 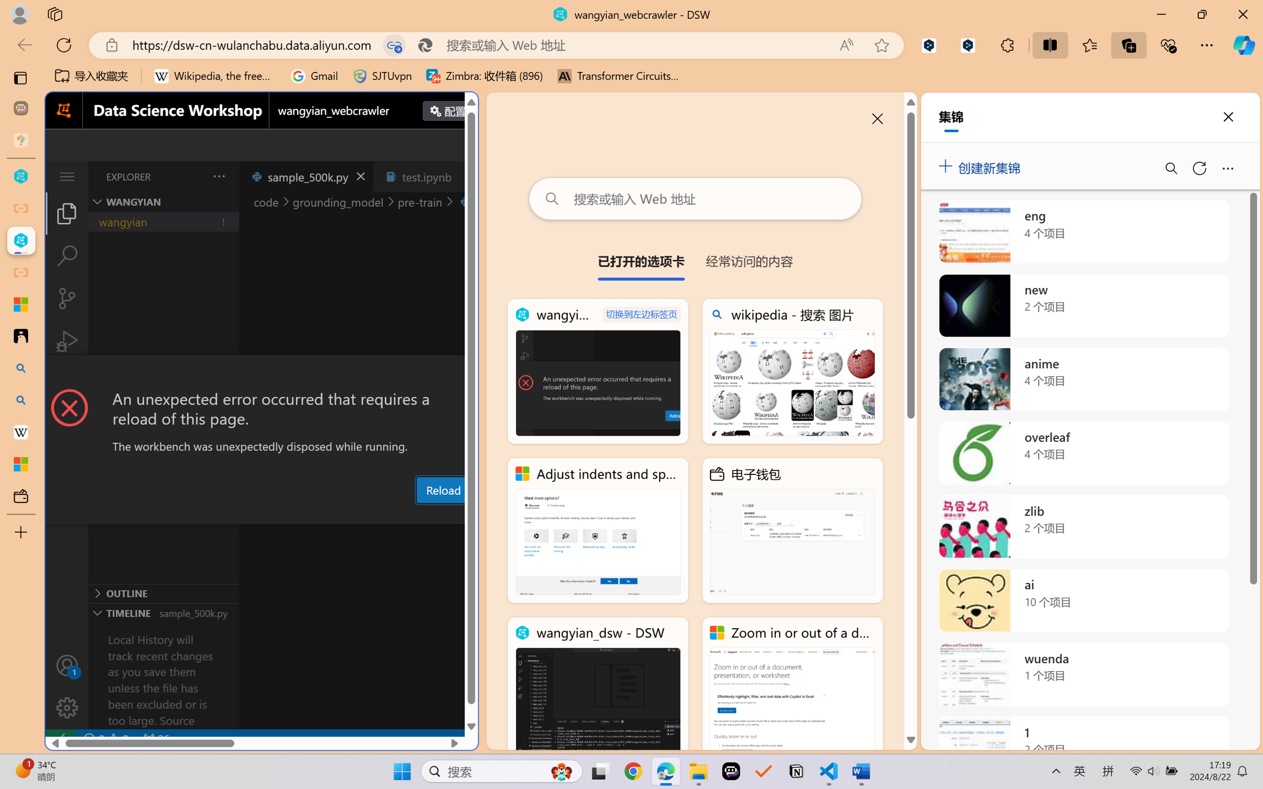 I want to click on 'Source Control (Ctrl+Shift+G)', so click(x=66, y=298).